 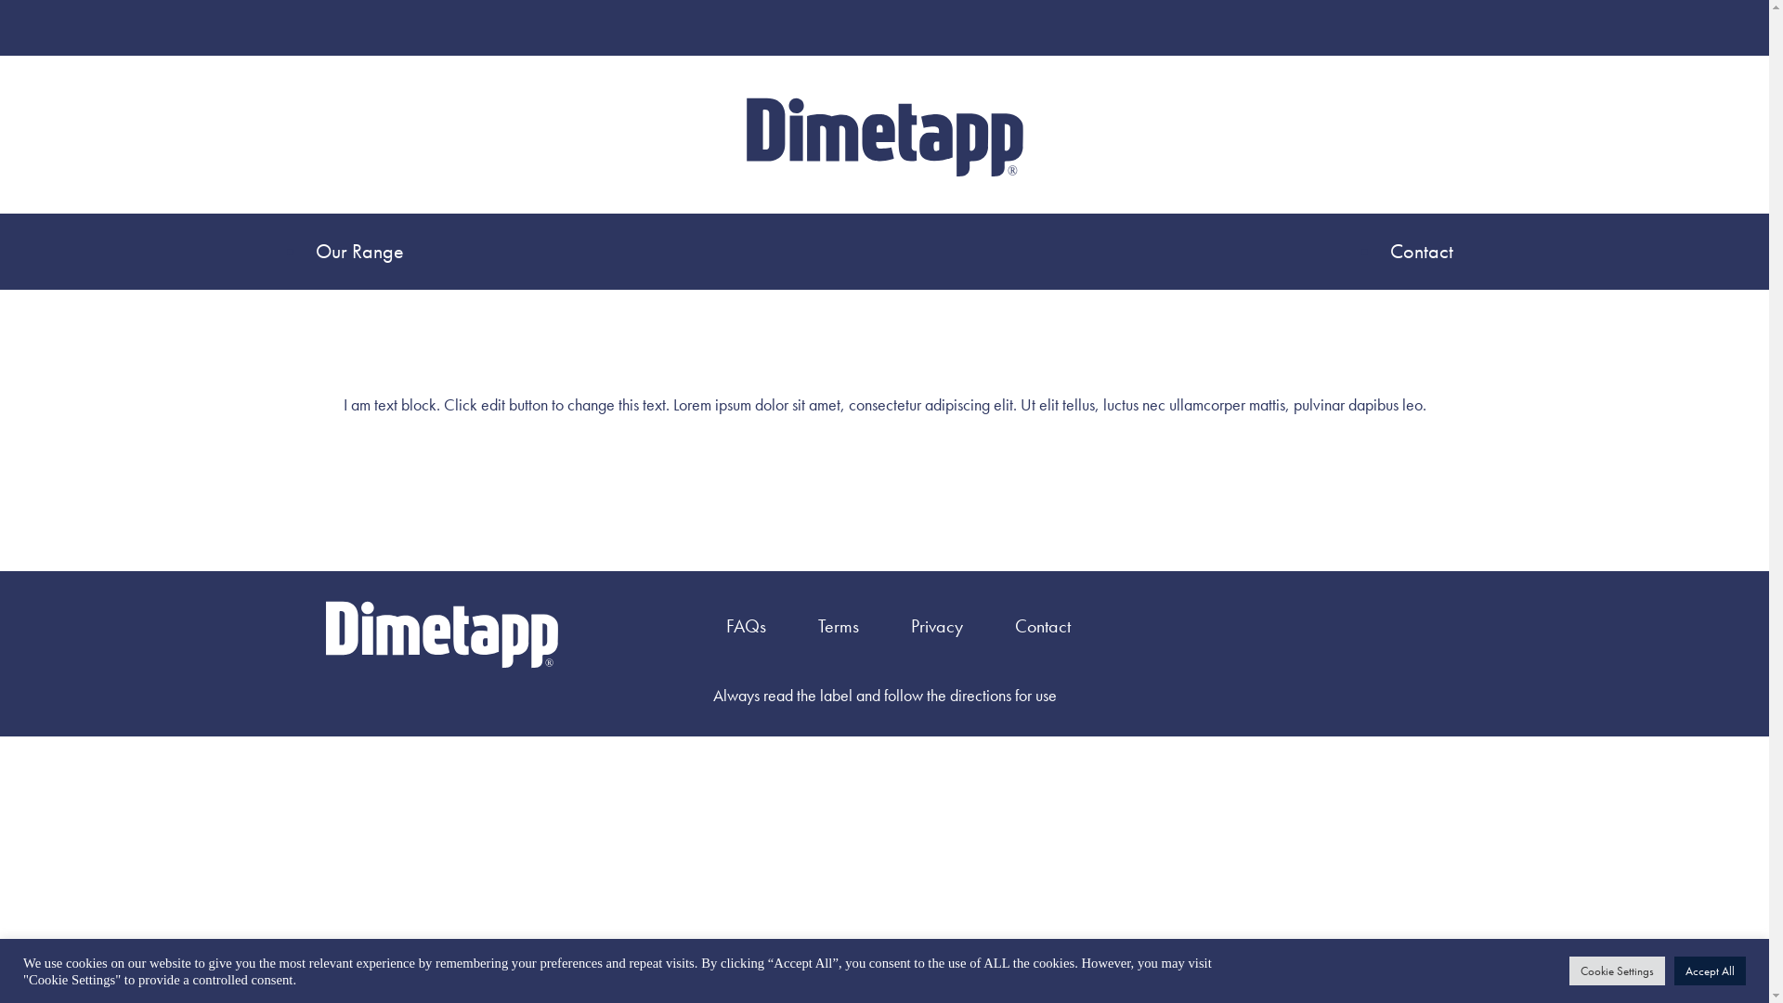 I want to click on 'Our Range', so click(x=364, y=251).